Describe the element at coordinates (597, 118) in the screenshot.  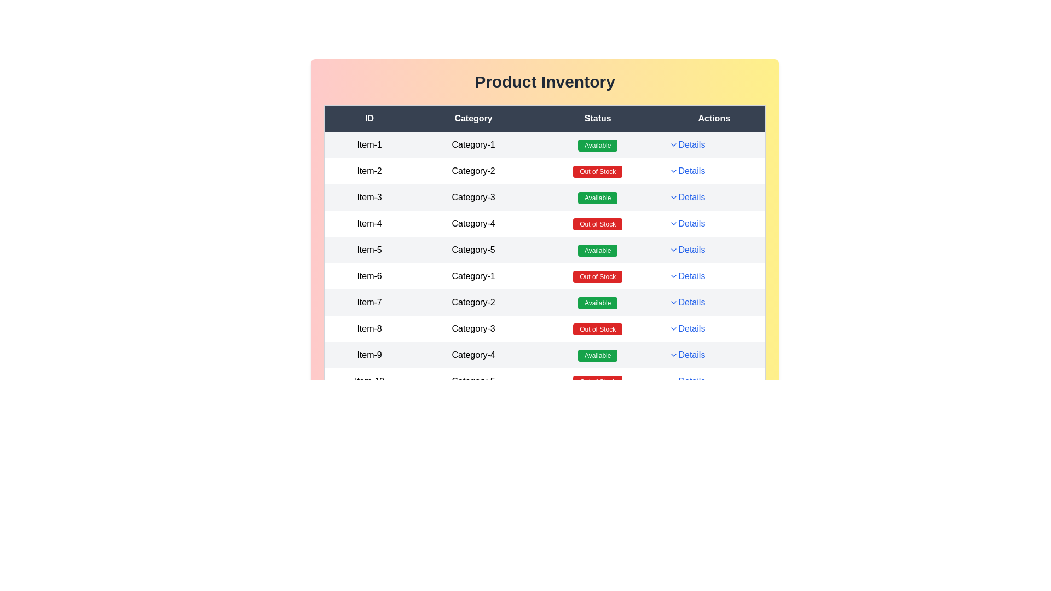
I see `the table header to sort by Status` at that location.